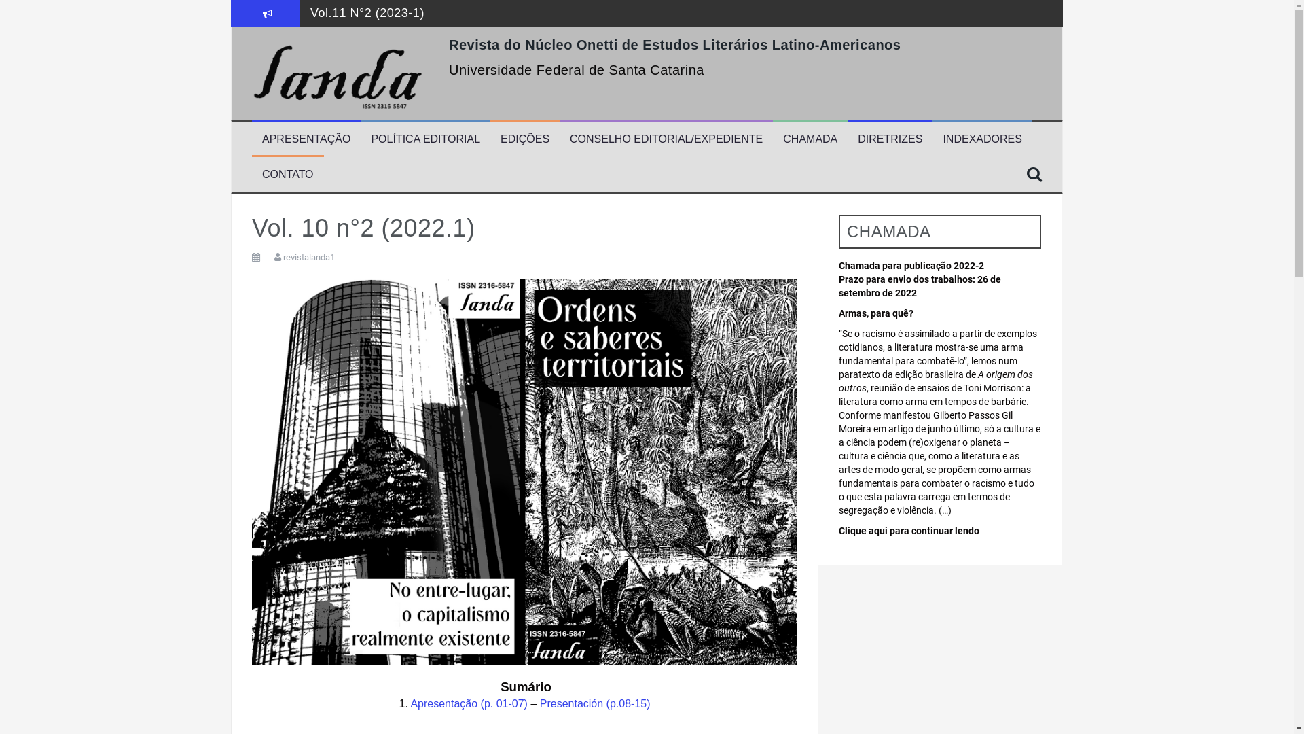  Describe the element at coordinates (283, 257) in the screenshot. I see `'revistalanda1'` at that location.